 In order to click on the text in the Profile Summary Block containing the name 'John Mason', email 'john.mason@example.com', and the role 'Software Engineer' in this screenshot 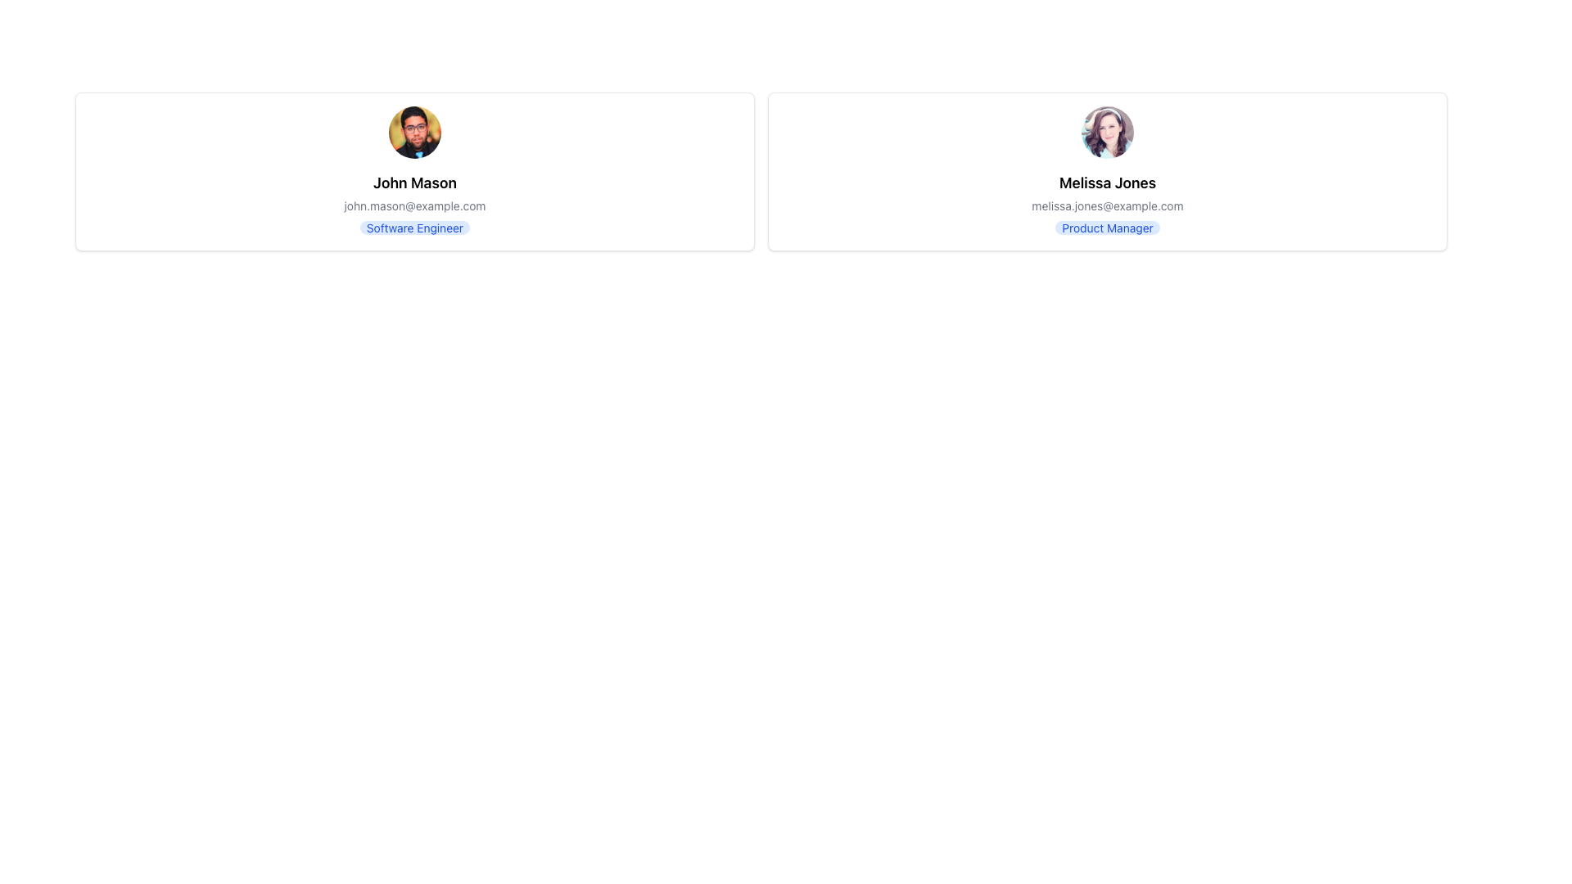, I will do `click(415, 204)`.